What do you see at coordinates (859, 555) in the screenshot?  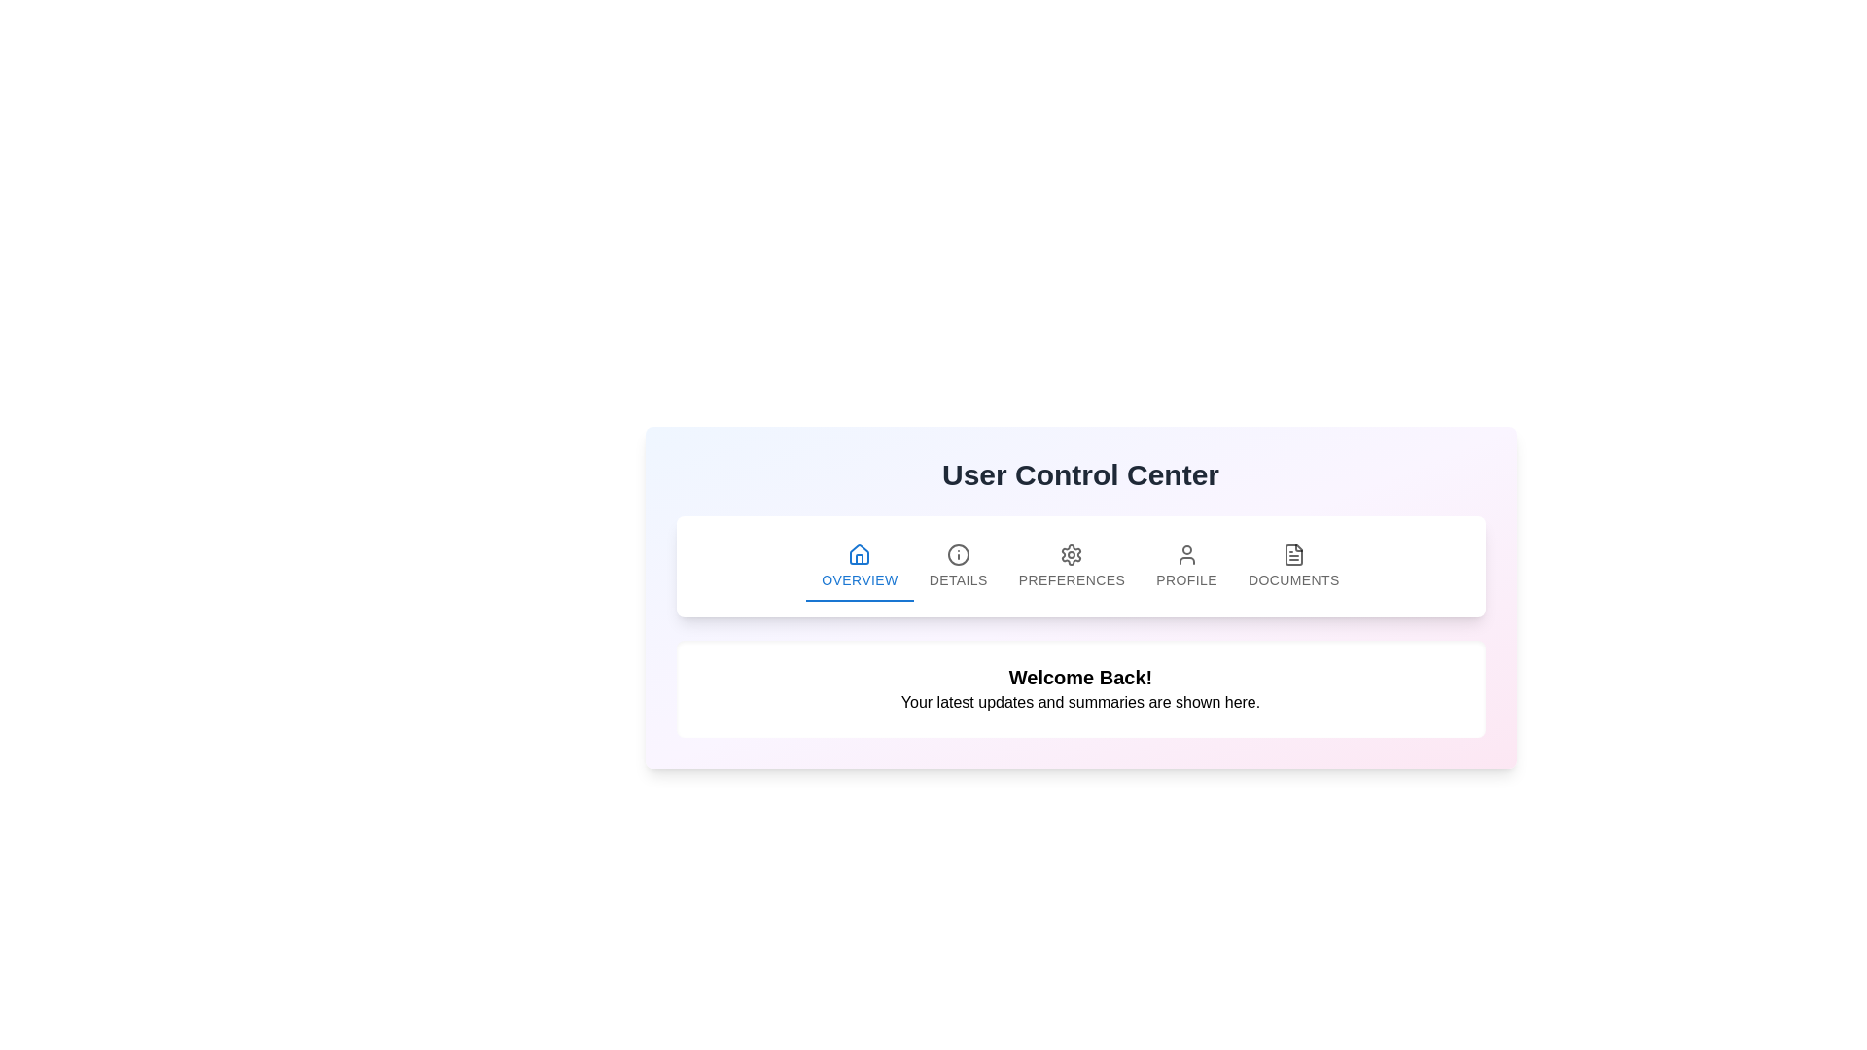 I see `the 'Overview' tab icon for navigation, which is centrally located above the text 'Overview' in the navigation bar` at bounding box center [859, 555].